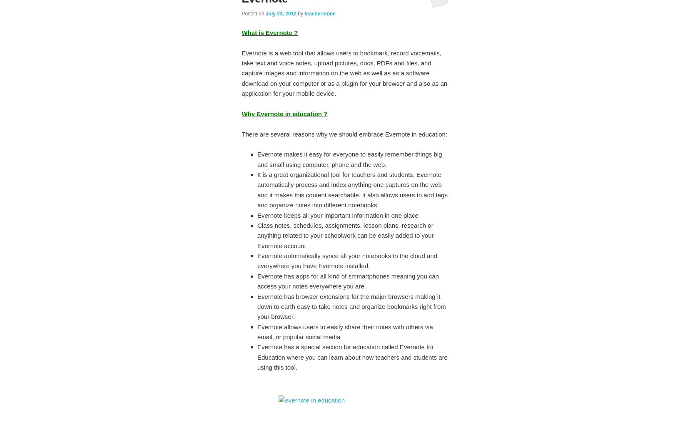  What do you see at coordinates (253, 13) in the screenshot?
I see `'Posted on'` at bounding box center [253, 13].